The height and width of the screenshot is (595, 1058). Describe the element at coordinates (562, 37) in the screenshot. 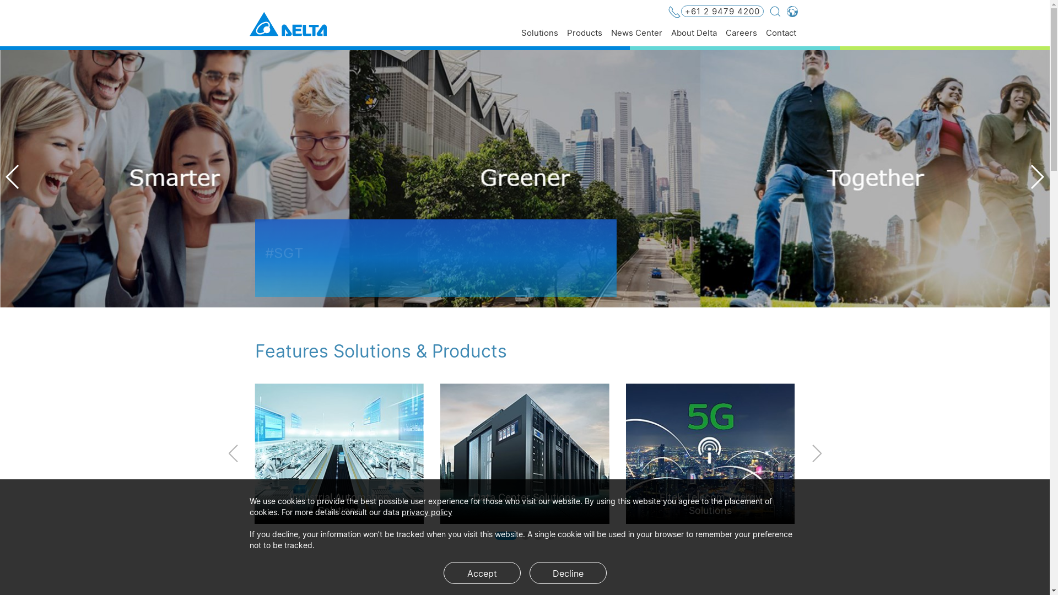

I see `'Products'` at that location.